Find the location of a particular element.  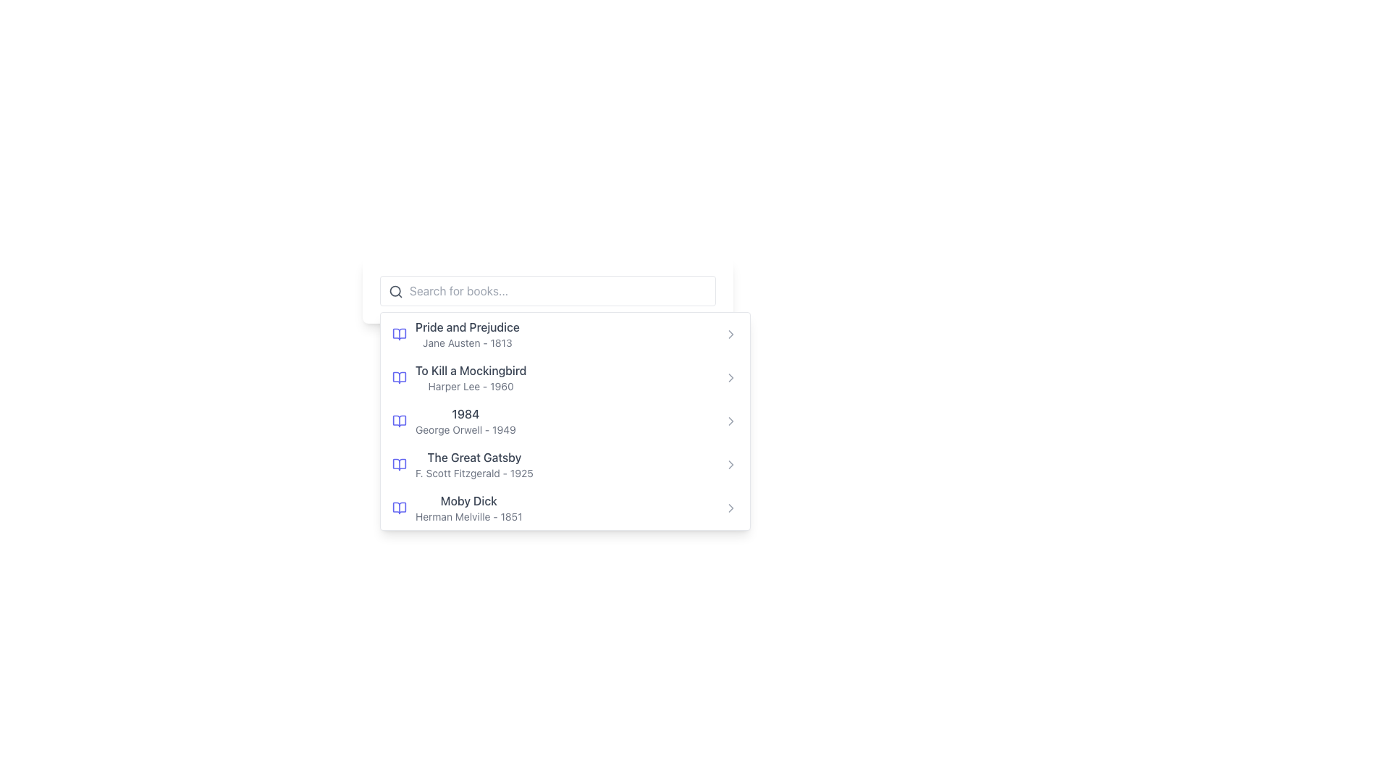

the text label displaying 'George Orwell - 1949' is located at coordinates (466, 429).